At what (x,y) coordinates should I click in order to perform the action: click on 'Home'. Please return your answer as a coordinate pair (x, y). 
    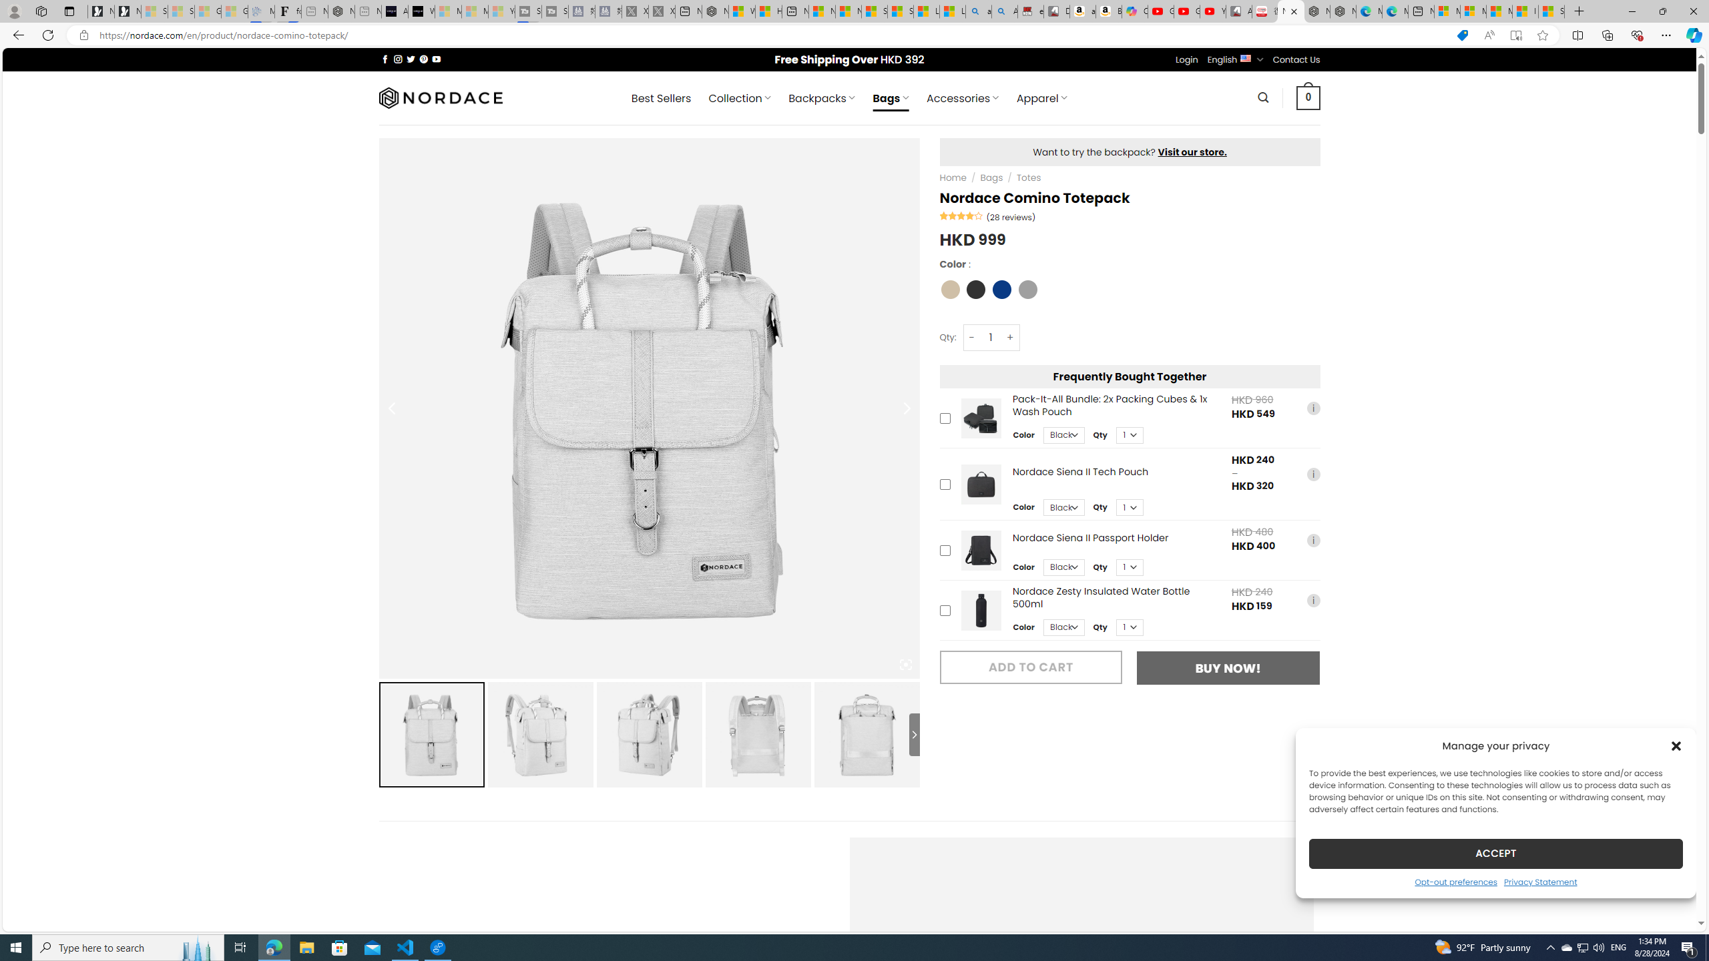
    Looking at the image, I should click on (953, 177).